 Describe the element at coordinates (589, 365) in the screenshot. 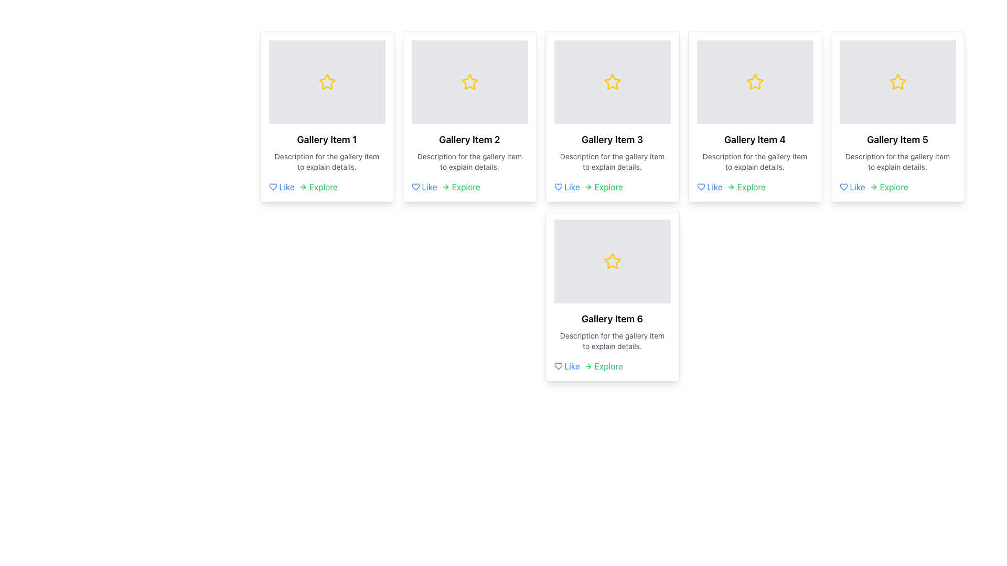

I see `the 'Explore' label associated with the arrow icon located in the bottom section of 'Gallery Item 6' card` at that location.